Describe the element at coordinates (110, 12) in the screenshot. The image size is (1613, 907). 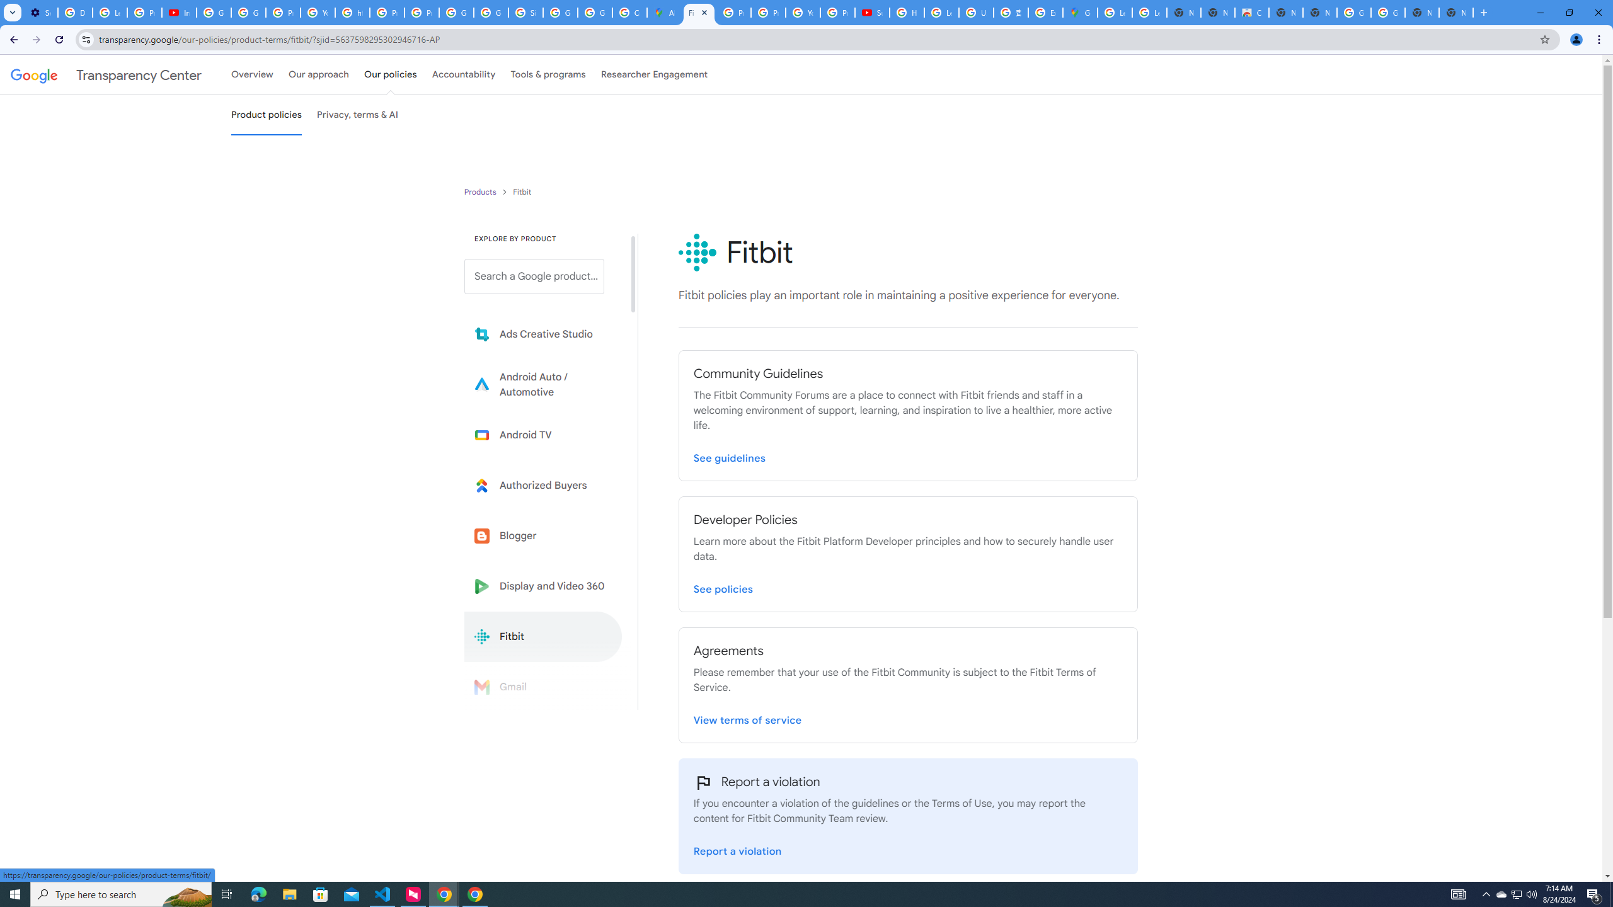
I see `'Learn how to find your photos - Google Photos Help'` at that location.